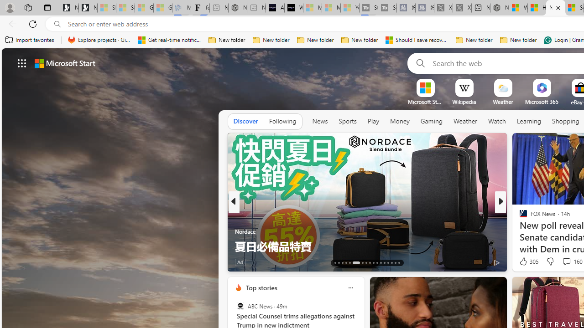  What do you see at coordinates (88, 8) in the screenshot?
I see `'Newsletter Sign Up'` at bounding box center [88, 8].